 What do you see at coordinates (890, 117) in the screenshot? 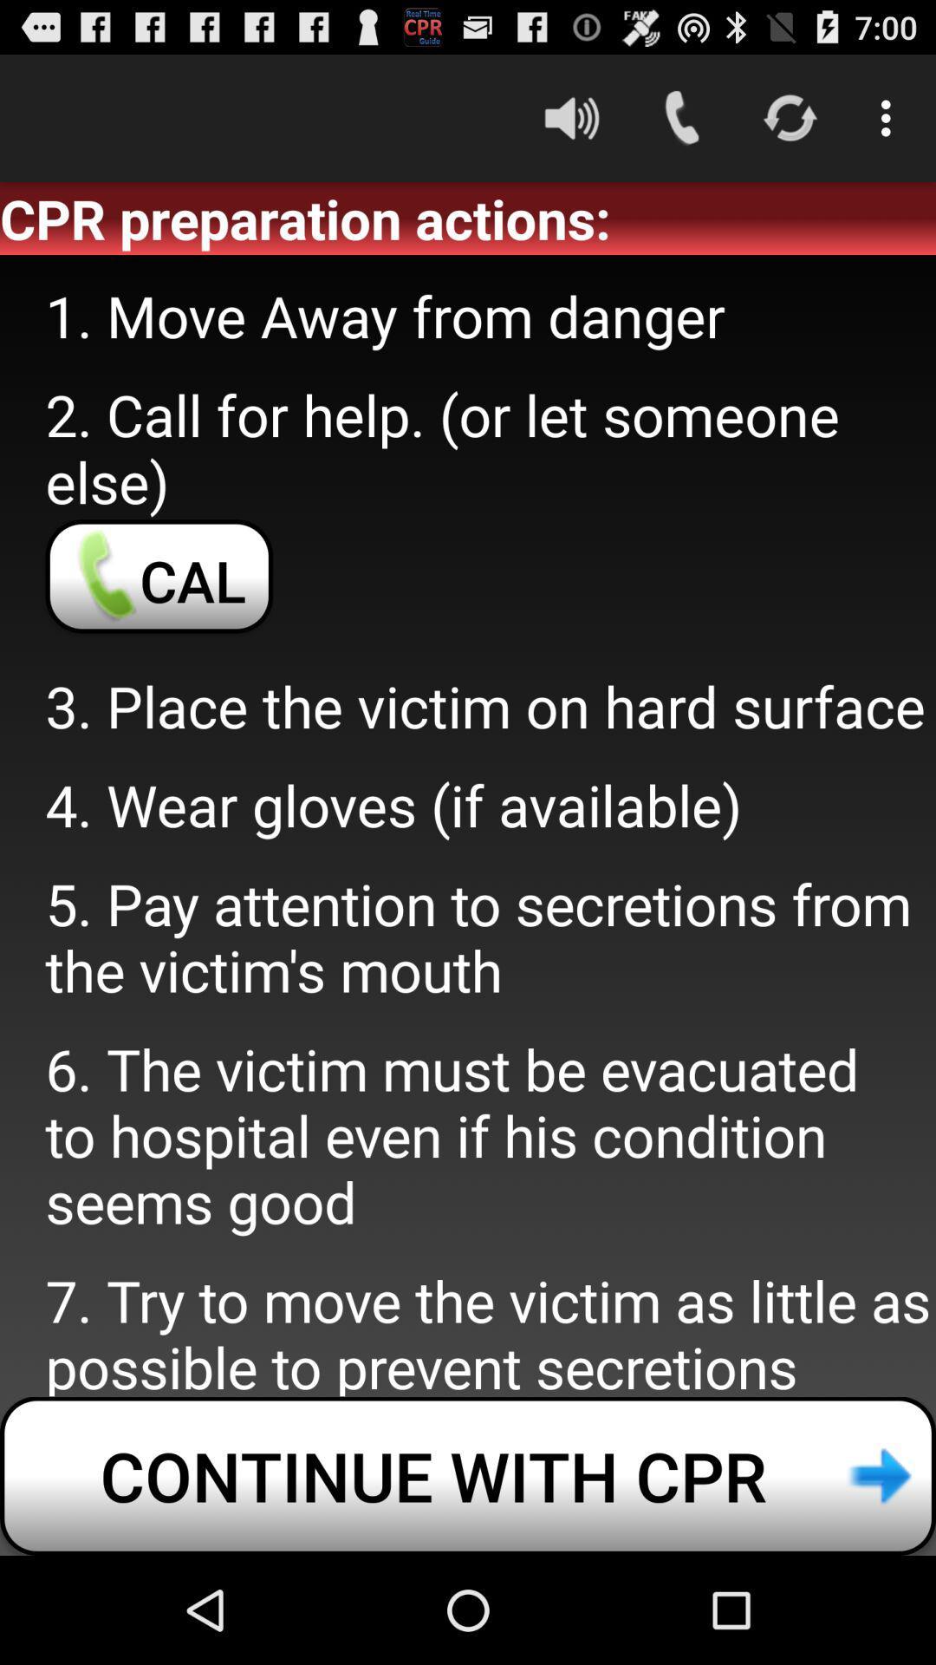
I see `item above cpr preparation actions: icon` at bounding box center [890, 117].